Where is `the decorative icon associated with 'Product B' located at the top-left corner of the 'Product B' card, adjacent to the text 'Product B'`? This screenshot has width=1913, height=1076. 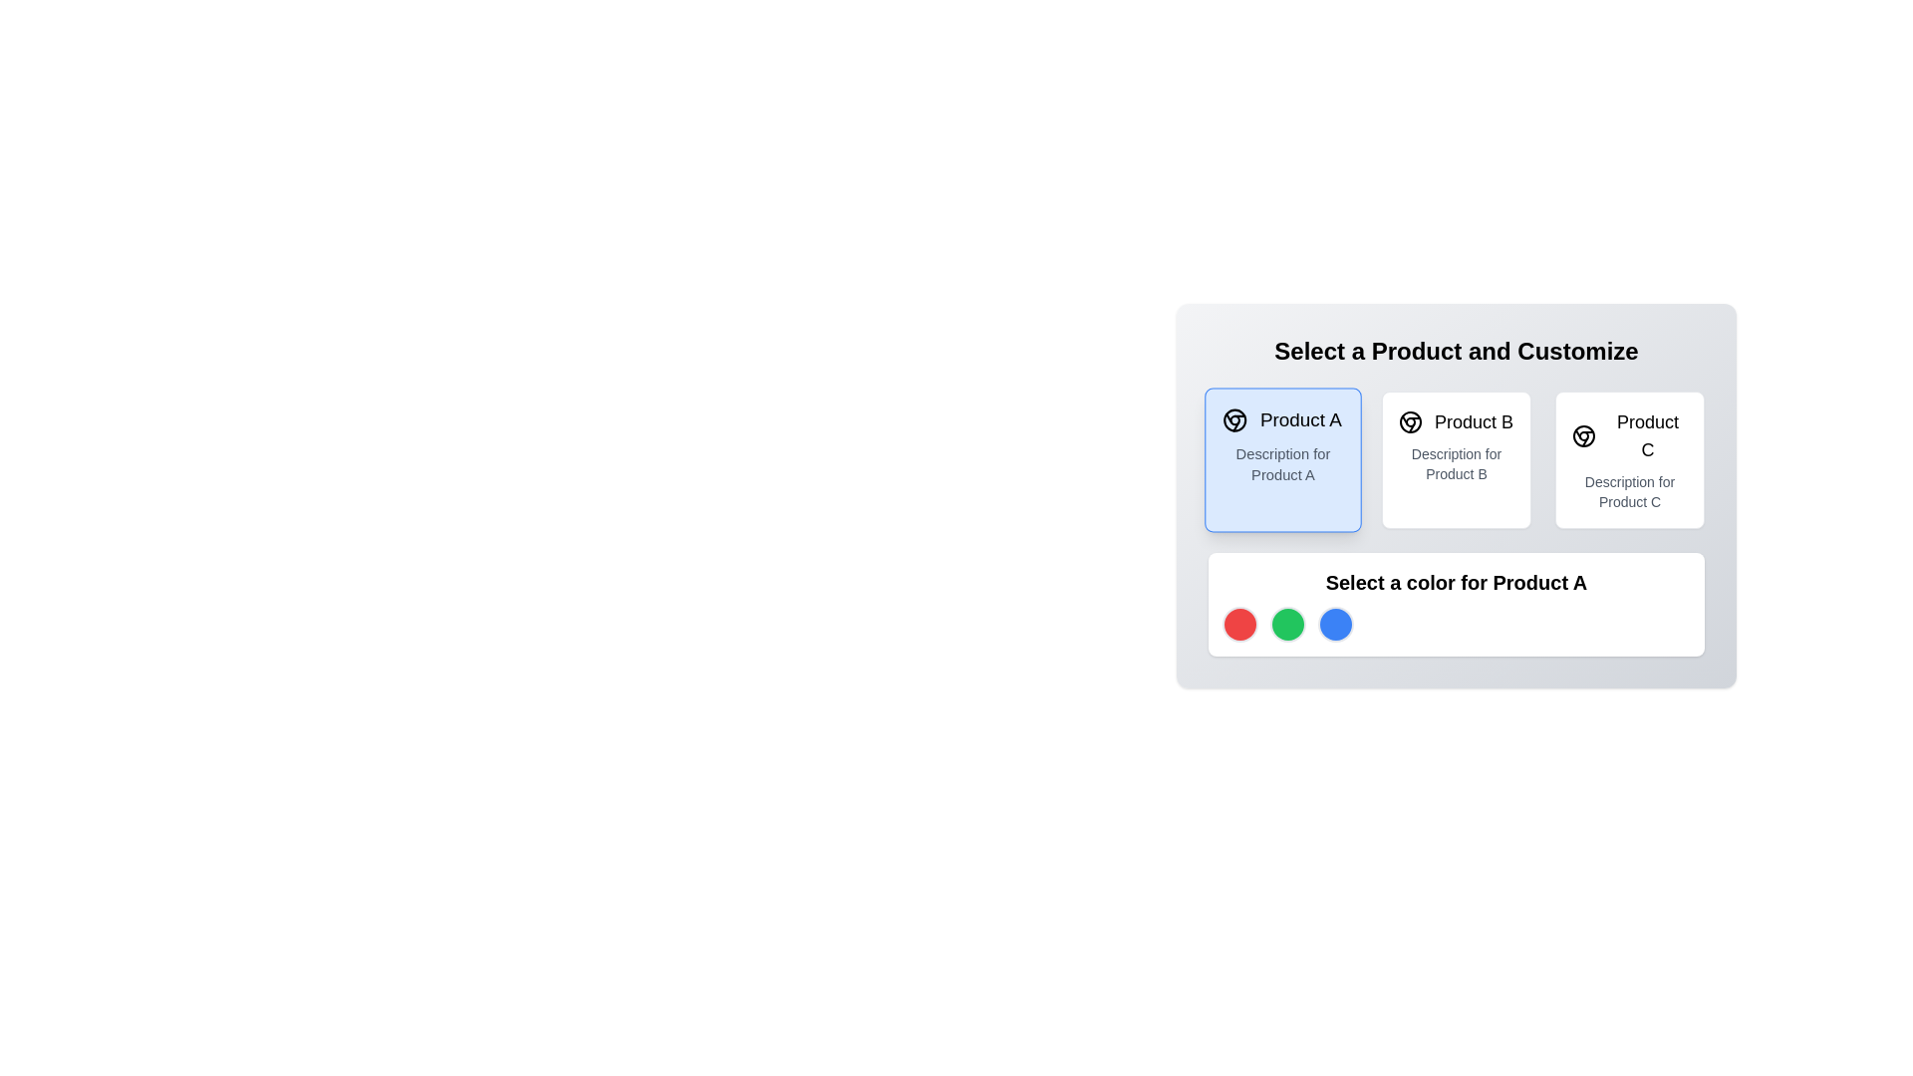 the decorative icon associated with 'Product B' located at the top-left corner of the 'Product B' card, adjacent to the text 'Product B' is located at coordinates (1410, 421).